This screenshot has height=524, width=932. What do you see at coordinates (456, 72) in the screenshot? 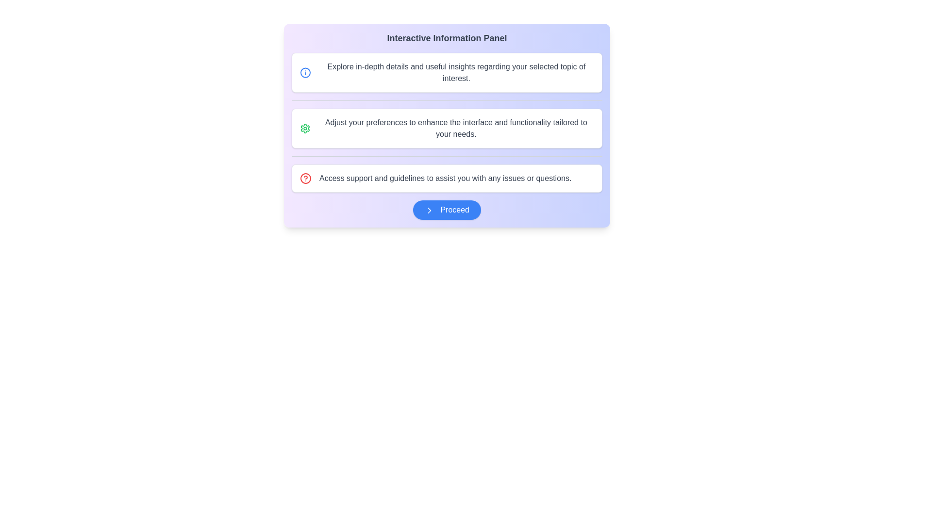
I see `descriptive text located to the right of the informational icon at the top of the 'Interactive Information Panel' section` at bounding box center [456, 72].